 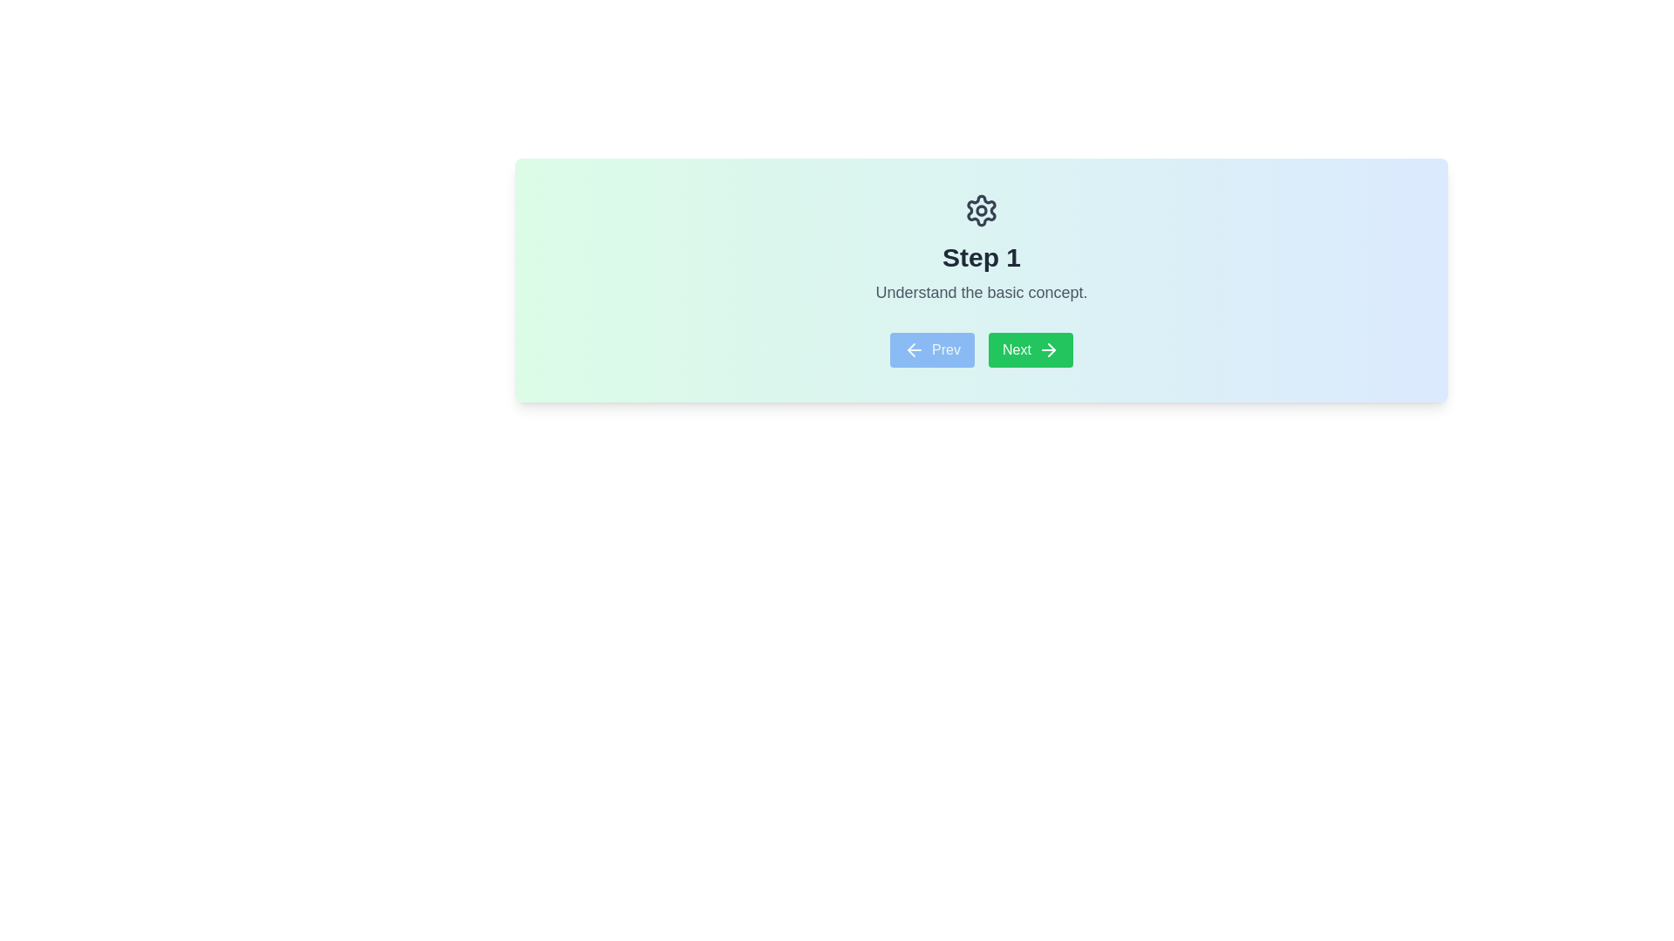 I want to click on the 'Prev' button, which is the first button from the left within a pair of navigation buttons, located centrally near the bottom of a light-colored panel, so click(x=931, y=349).